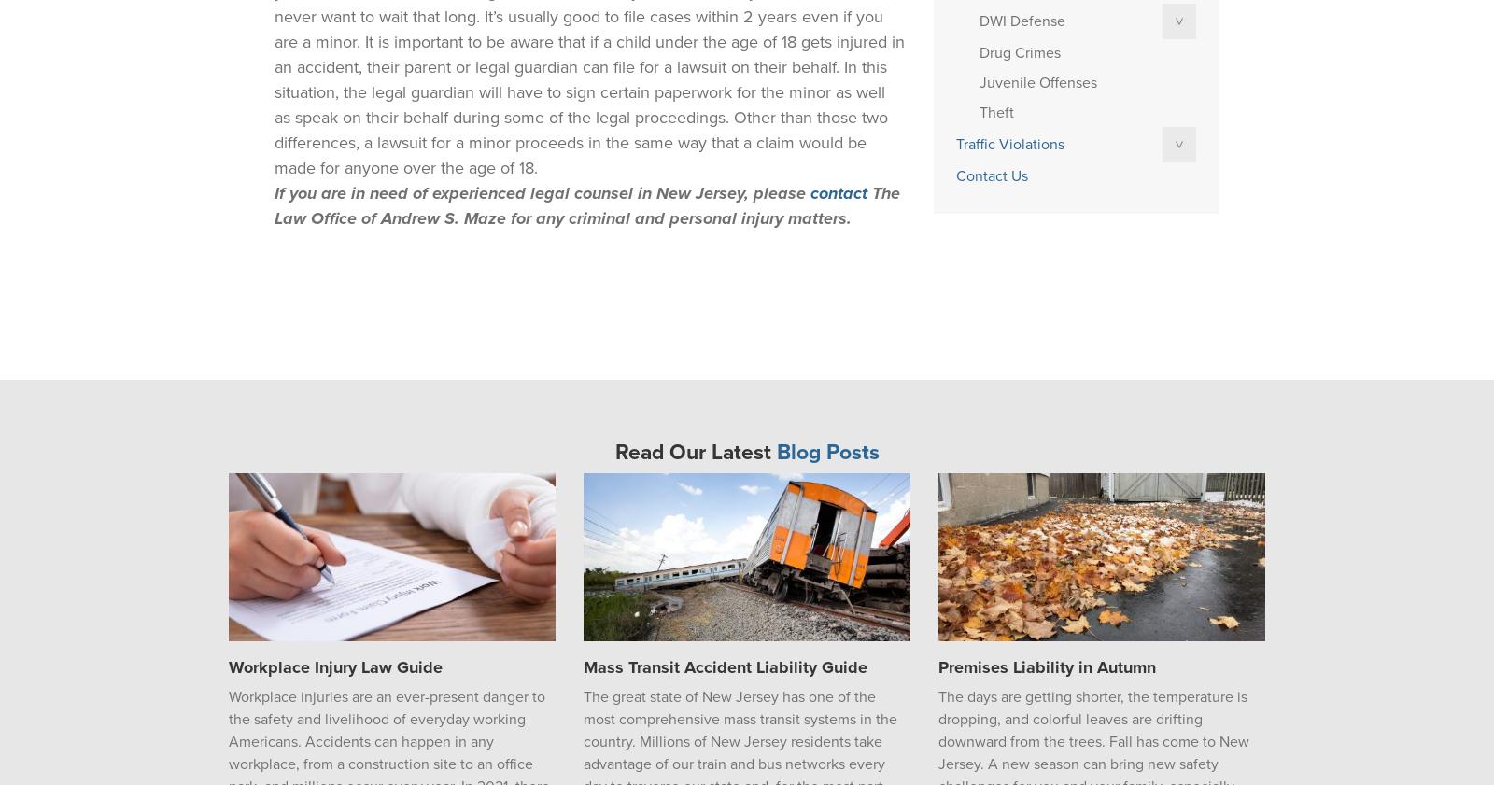 The height and width of the screenshot is (785, 1494). What do you see at coordinates (937, 667) in the screenshot?
I see `'Premises Liability in Autumn'` at bounding box center [937, 667].